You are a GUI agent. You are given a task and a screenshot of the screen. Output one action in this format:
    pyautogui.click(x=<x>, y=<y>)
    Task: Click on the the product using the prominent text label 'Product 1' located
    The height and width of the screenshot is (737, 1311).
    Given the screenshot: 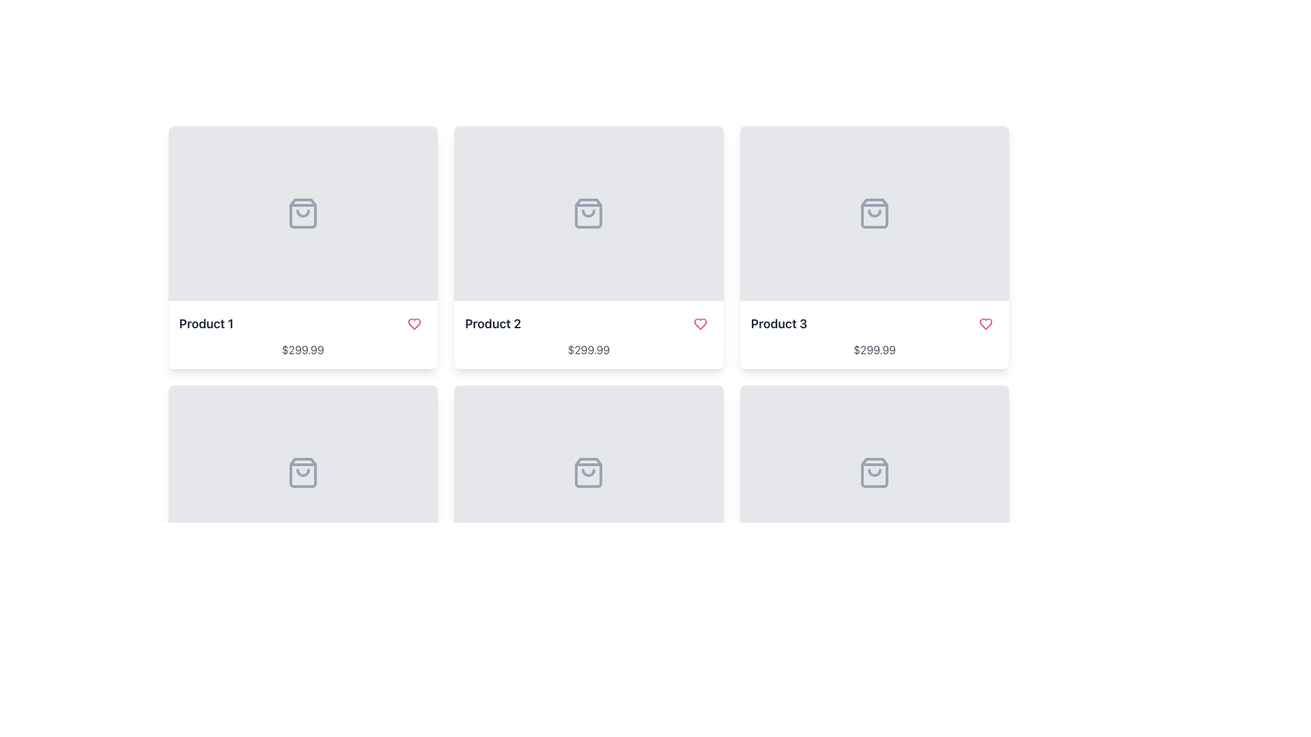 What is the action you would take?
    pyautogui.click(x=206, y=323)
    